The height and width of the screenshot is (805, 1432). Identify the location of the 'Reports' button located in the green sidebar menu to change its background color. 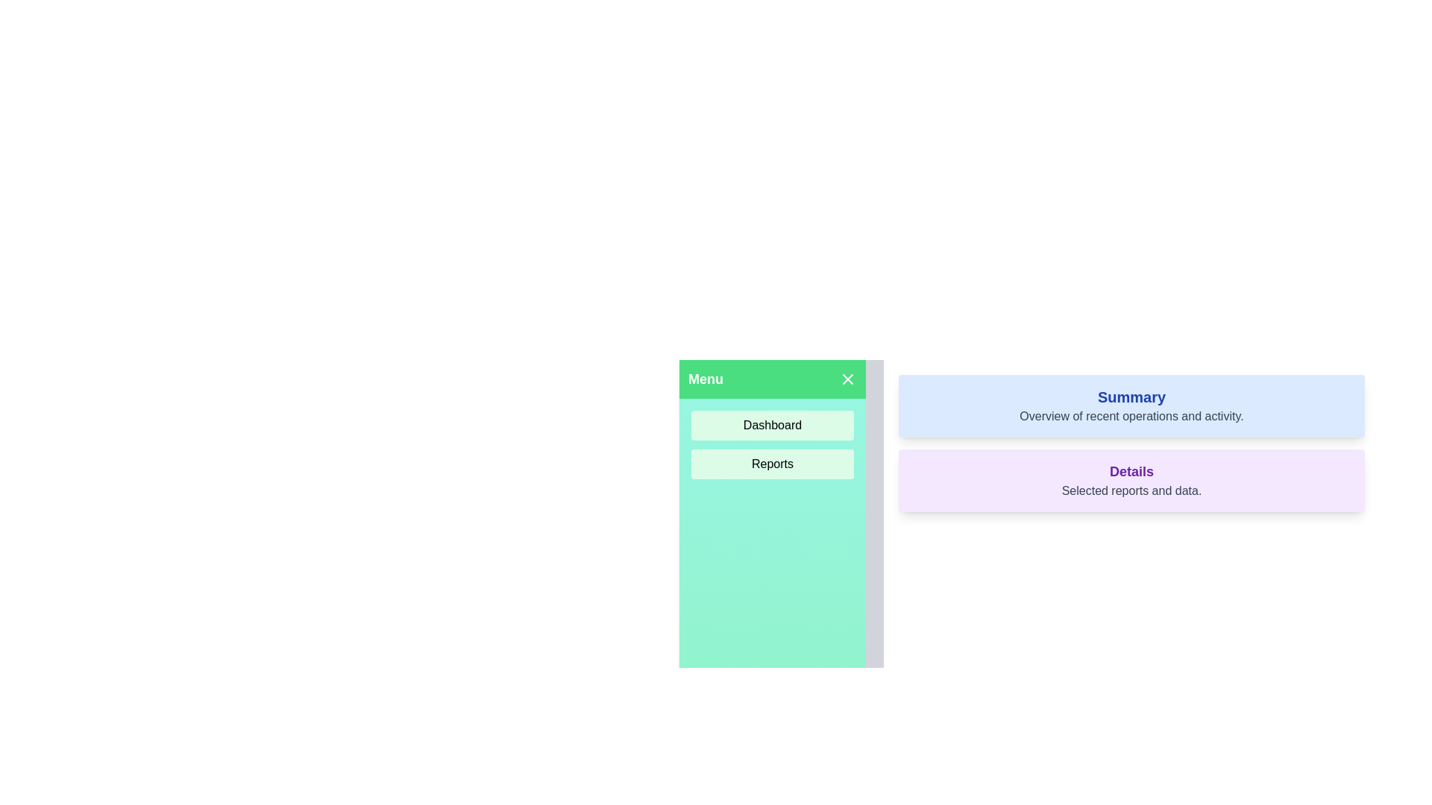
(773, 464).